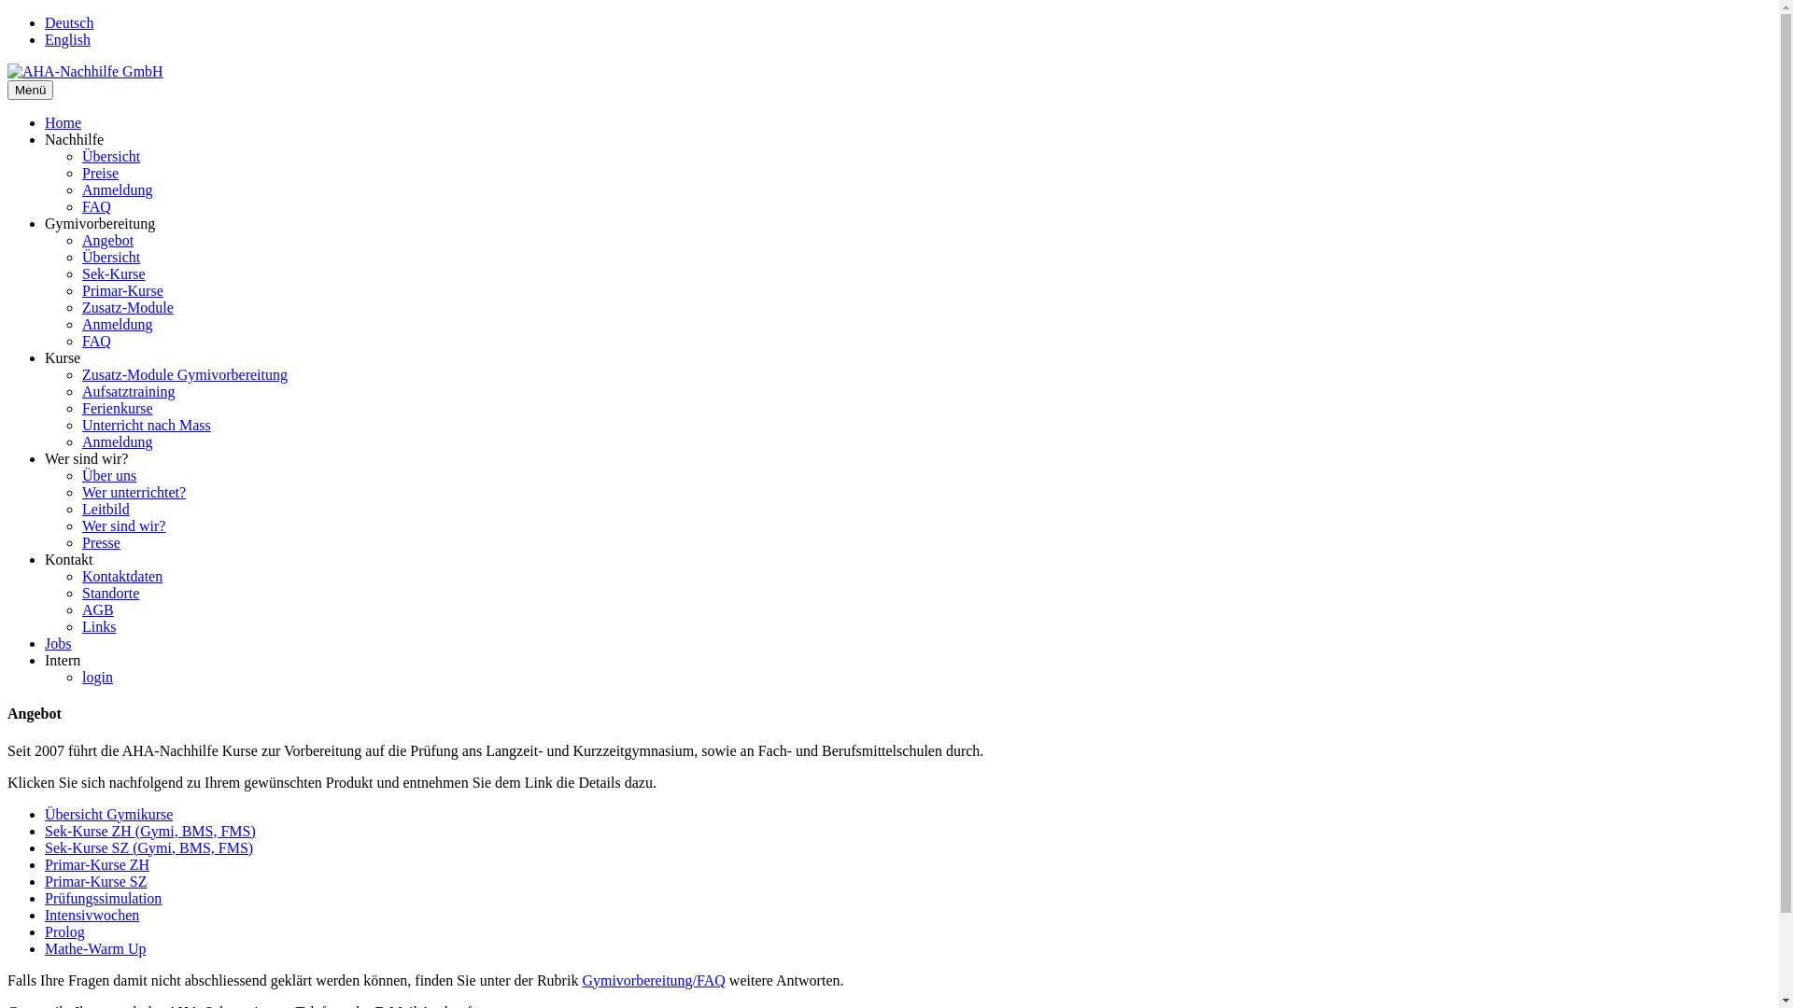 The height and width of the screenshot is (1008, 1793). Describe the element at coordinates (109, 593) in the screenshot. I see `'Standorte'` at that location.